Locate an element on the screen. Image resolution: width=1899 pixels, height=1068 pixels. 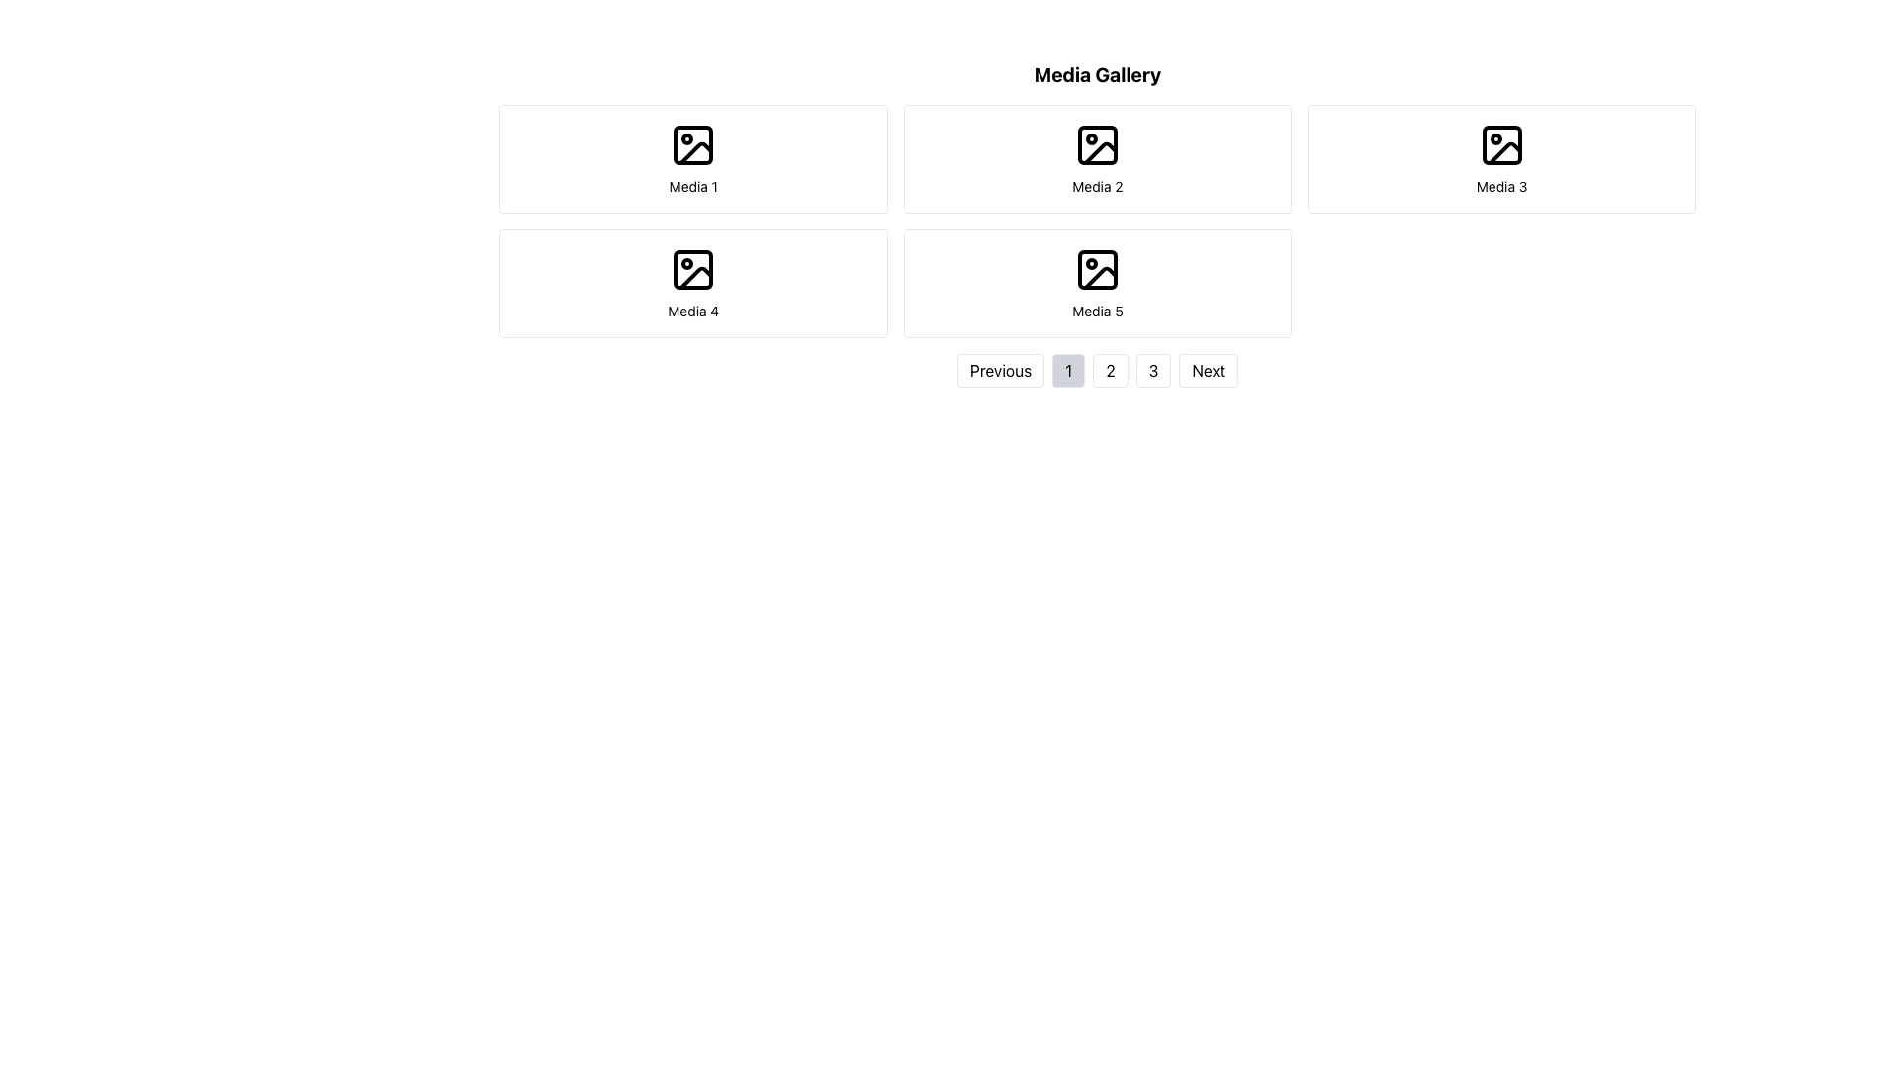
the small rectangular graphical placeholder within the image icon in the Media 5 section, which is located on the bottom row of the media tiles in the gallery view is located at coordinates (1096, 270).